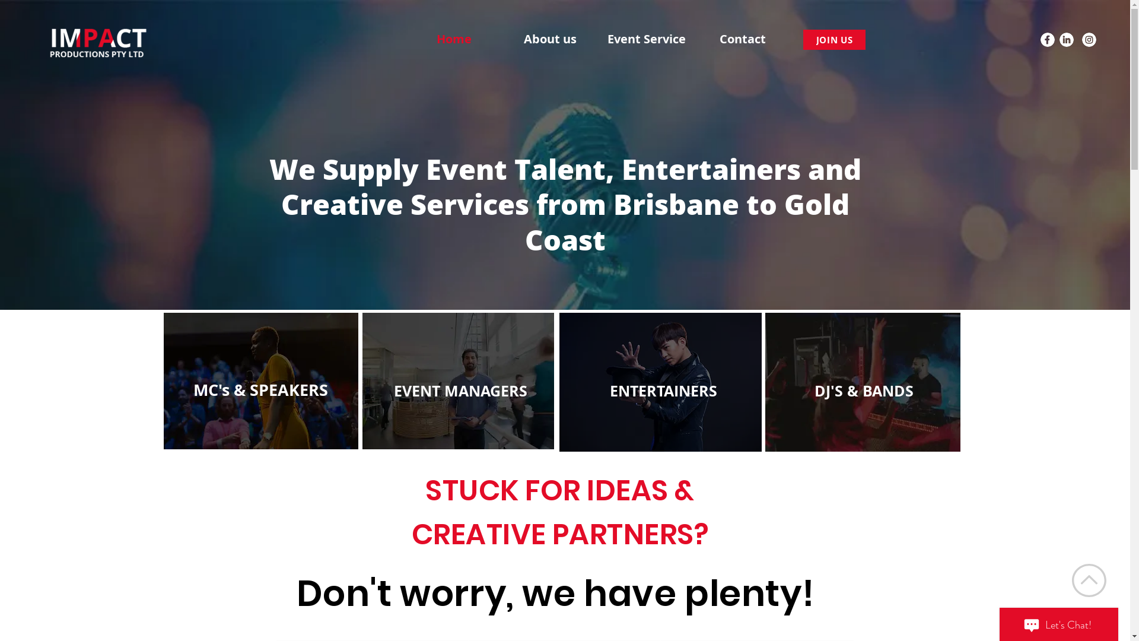 This screenshot has width=1139, height=641. I want to click on 'JOIN US', so click(833, 39).